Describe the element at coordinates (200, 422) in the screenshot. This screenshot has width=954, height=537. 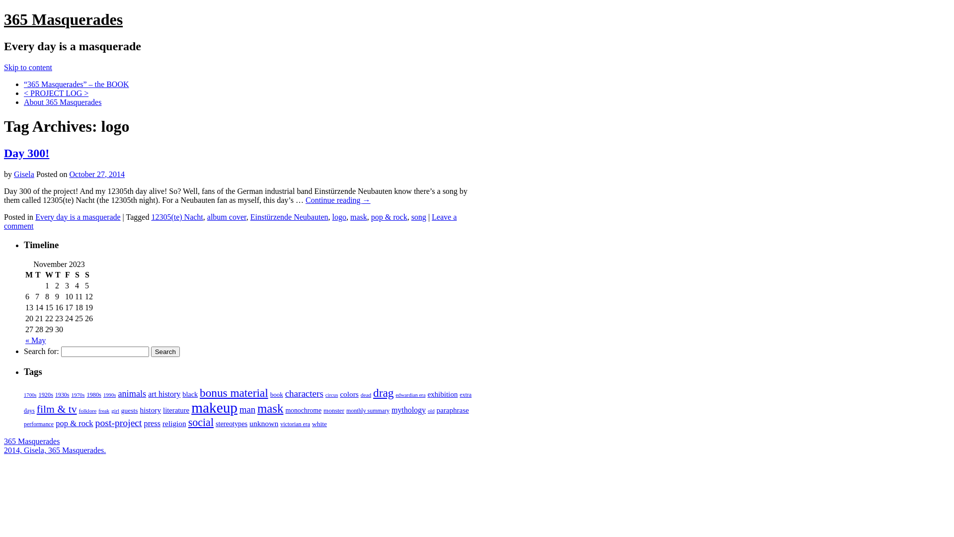
I see `'social'` at that location.